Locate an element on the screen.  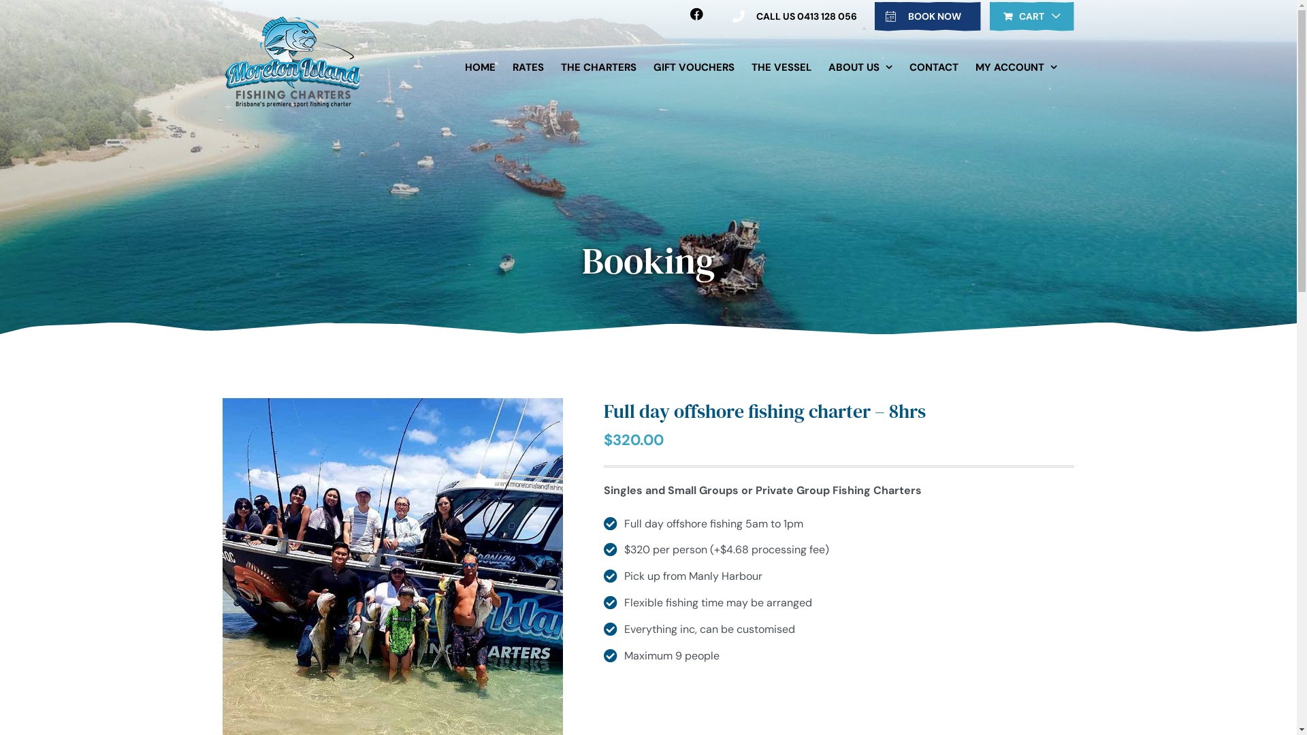
'ABOUT US' is located at coordinates (858, 67).